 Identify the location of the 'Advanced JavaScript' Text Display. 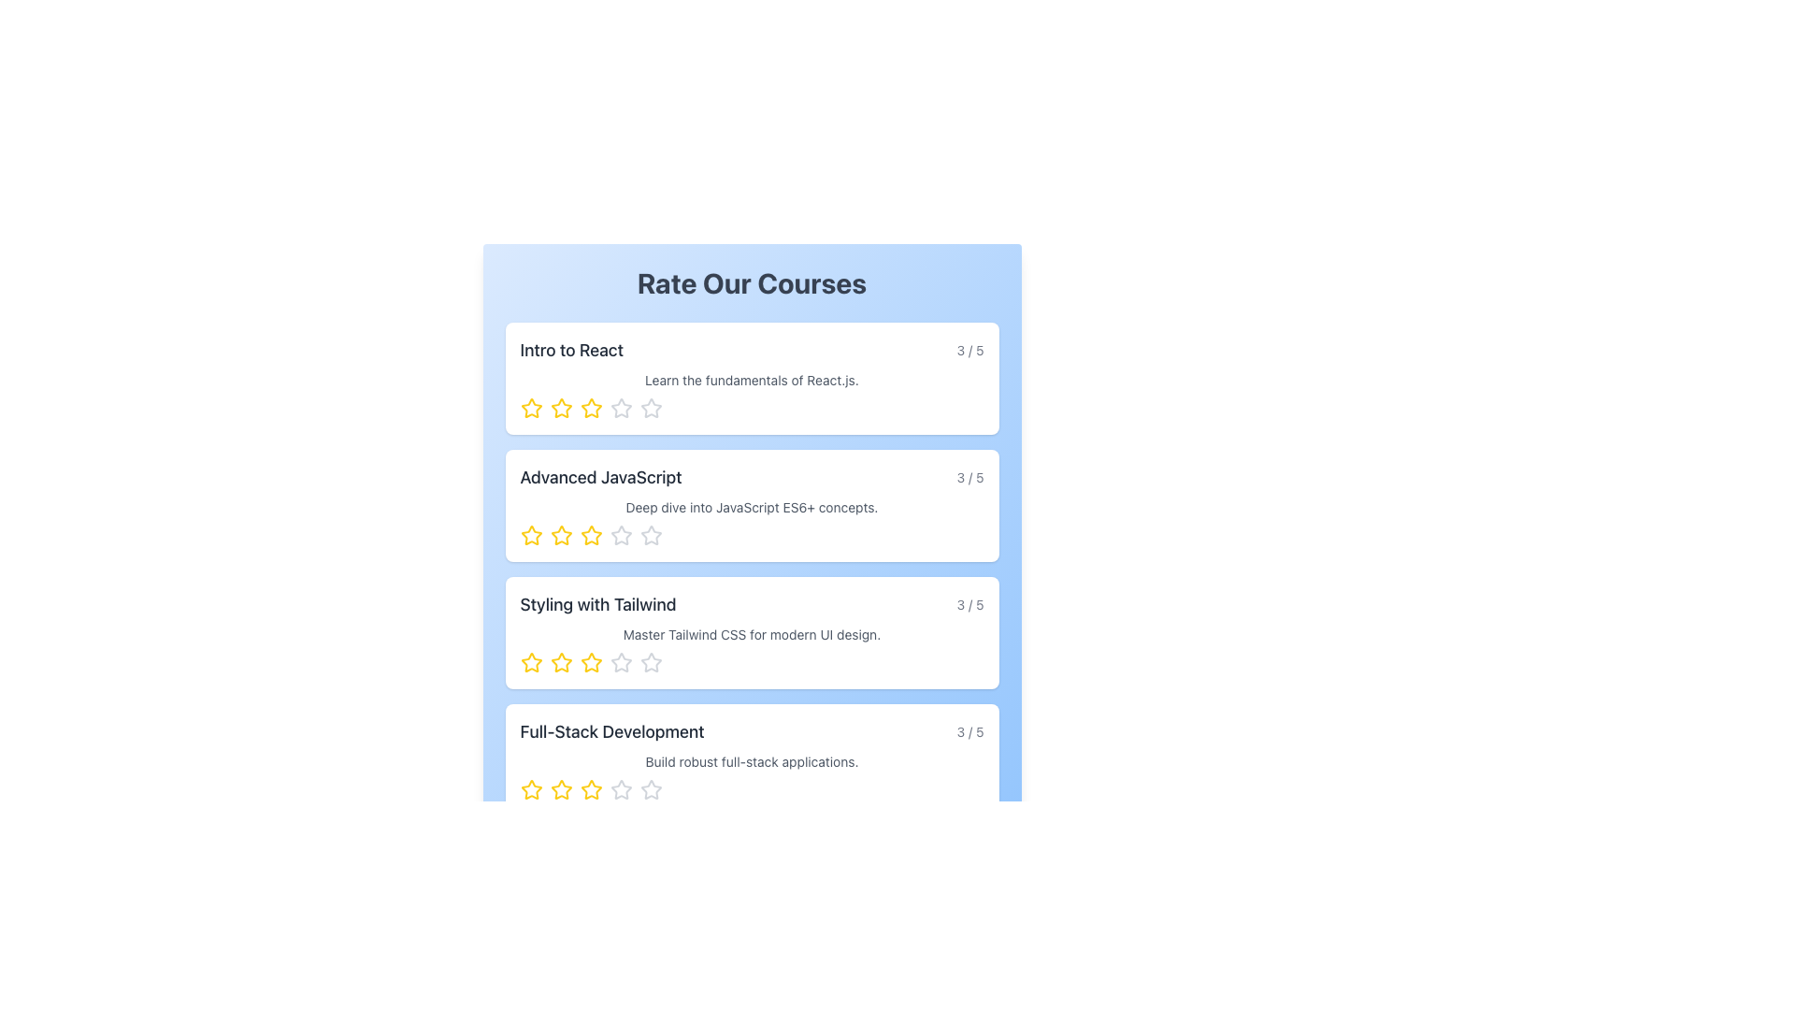
(752, 476).